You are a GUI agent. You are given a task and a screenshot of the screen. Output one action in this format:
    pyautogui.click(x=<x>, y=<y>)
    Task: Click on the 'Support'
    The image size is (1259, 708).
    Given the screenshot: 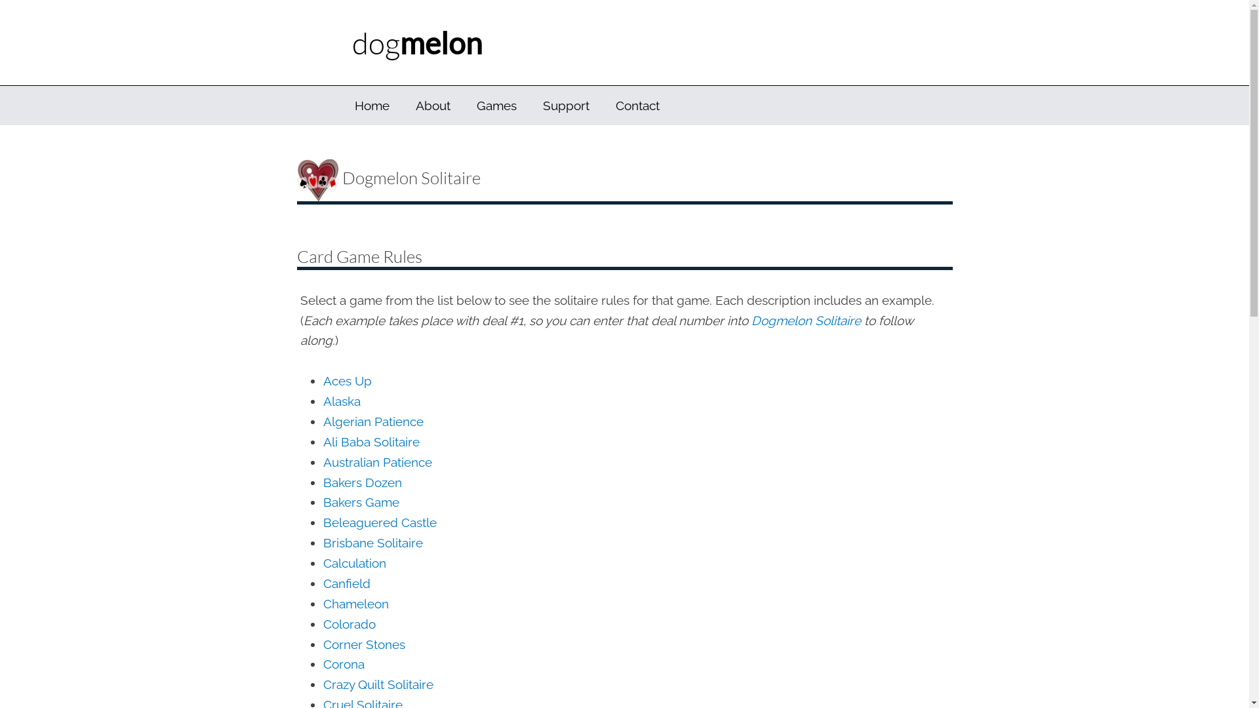 What is the action you would take?
    pyautogui.click(x=566, y=105)
    